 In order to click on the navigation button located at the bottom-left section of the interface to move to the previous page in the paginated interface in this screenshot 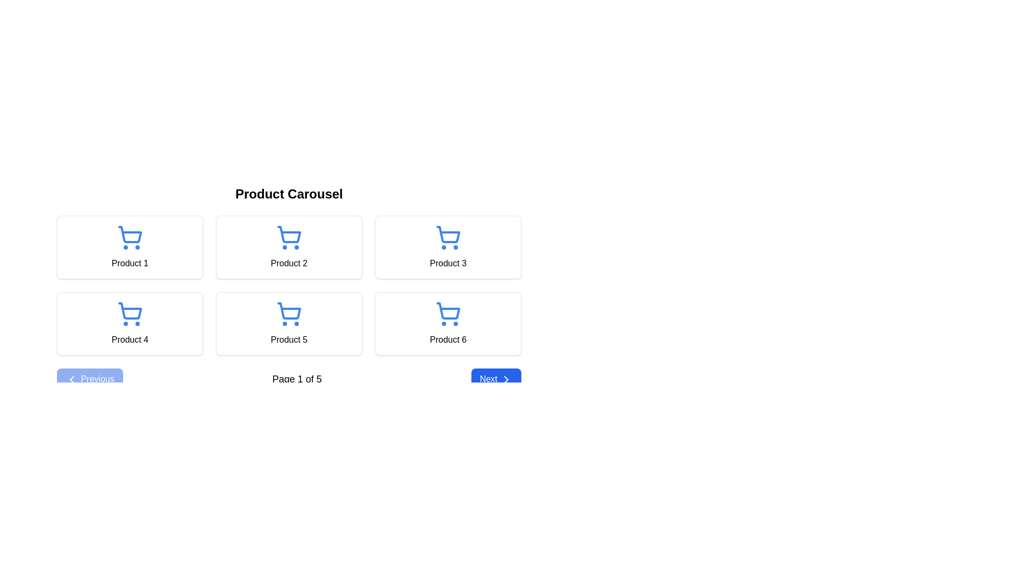, I will do `click(90, 379)`.